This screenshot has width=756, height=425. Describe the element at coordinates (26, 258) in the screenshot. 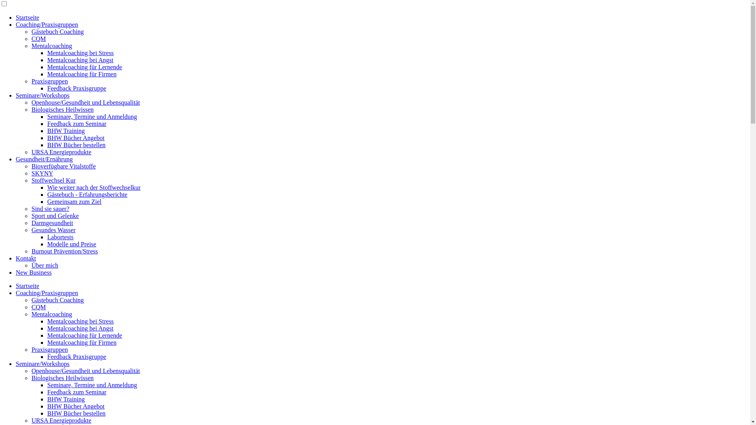

I see `'Kontakt'` at that location.